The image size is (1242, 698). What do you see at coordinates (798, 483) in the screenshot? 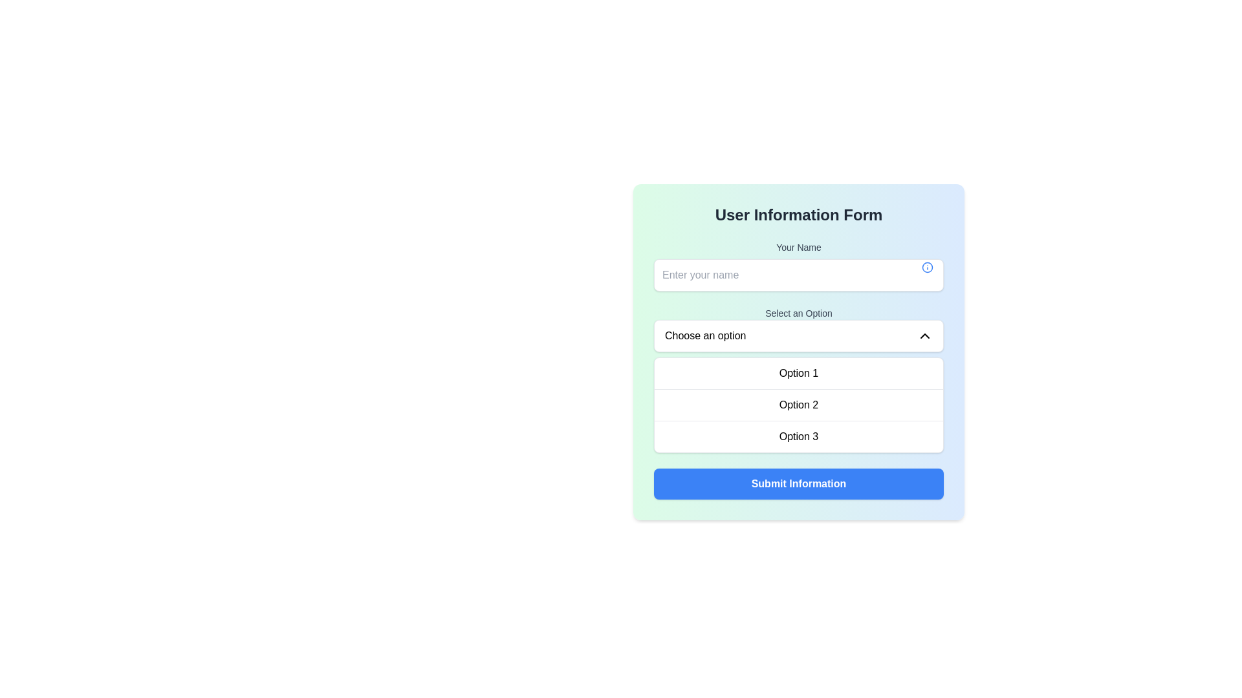
I see `the rectangular button with a blue background and bold white text reading 'Submit Information'` at bounding box center [798, 483].